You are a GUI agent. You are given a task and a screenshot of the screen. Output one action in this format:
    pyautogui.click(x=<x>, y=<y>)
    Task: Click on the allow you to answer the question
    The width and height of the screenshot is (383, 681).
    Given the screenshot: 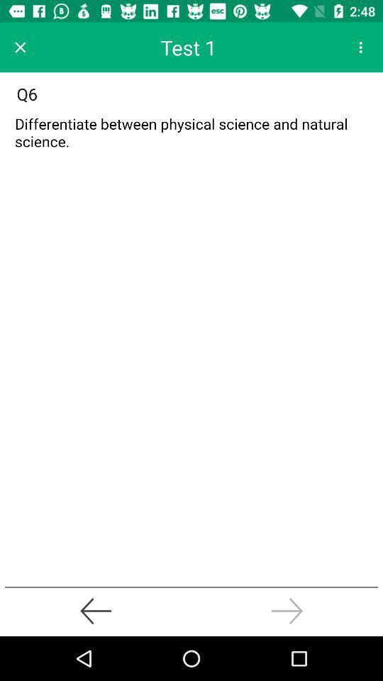 What is the action you would take?
    pyautogui.click(x=191, y=136)
    